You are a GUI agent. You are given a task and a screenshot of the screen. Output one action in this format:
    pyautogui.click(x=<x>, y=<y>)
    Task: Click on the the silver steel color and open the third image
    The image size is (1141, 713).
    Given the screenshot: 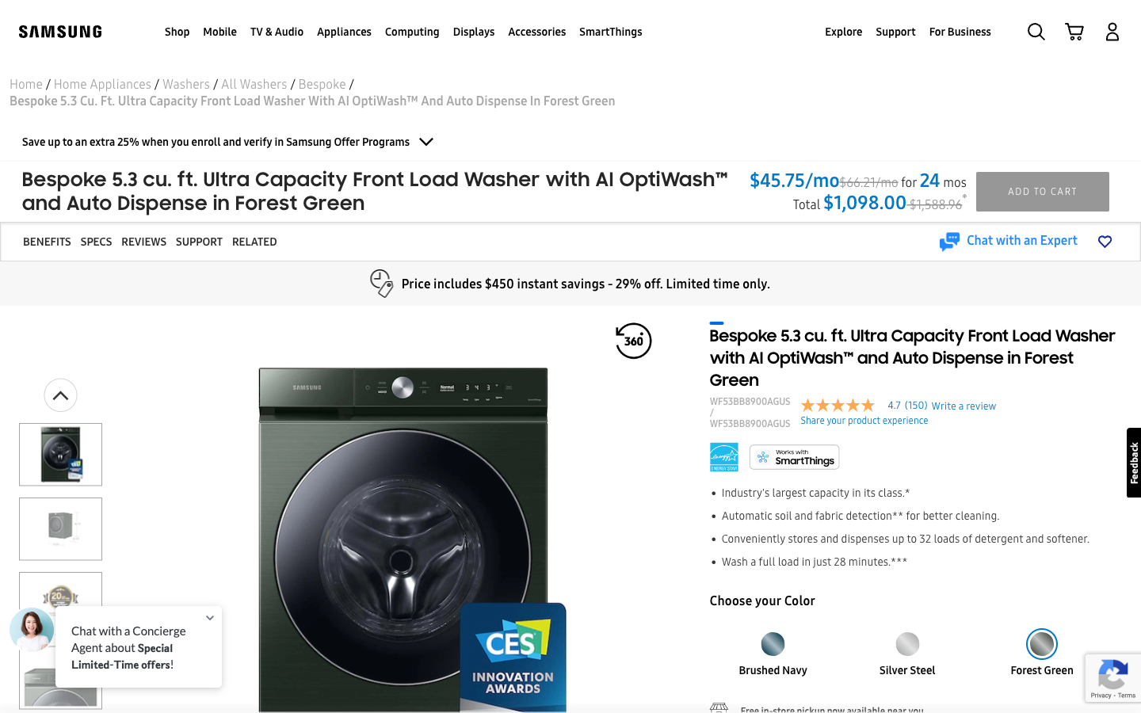 What is the action you would take?
    pyautogui.click(x=906, y=639)
    